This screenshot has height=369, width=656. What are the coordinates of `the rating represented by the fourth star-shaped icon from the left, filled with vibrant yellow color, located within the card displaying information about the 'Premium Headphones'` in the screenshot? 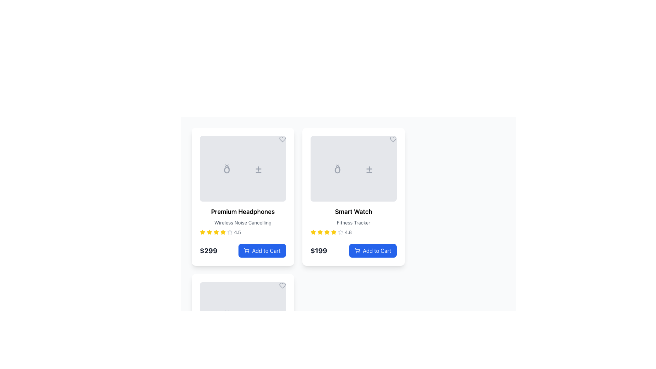 It's located at (209, 232).